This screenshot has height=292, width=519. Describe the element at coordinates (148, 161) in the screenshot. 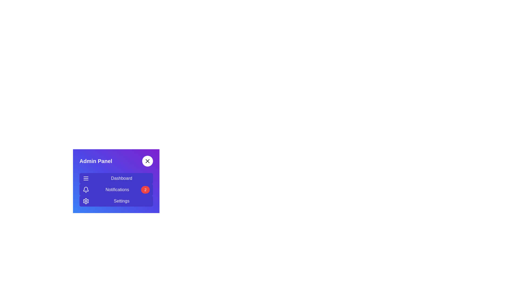

I see `the toggle button to toggle the sidebar visibility` at that location.